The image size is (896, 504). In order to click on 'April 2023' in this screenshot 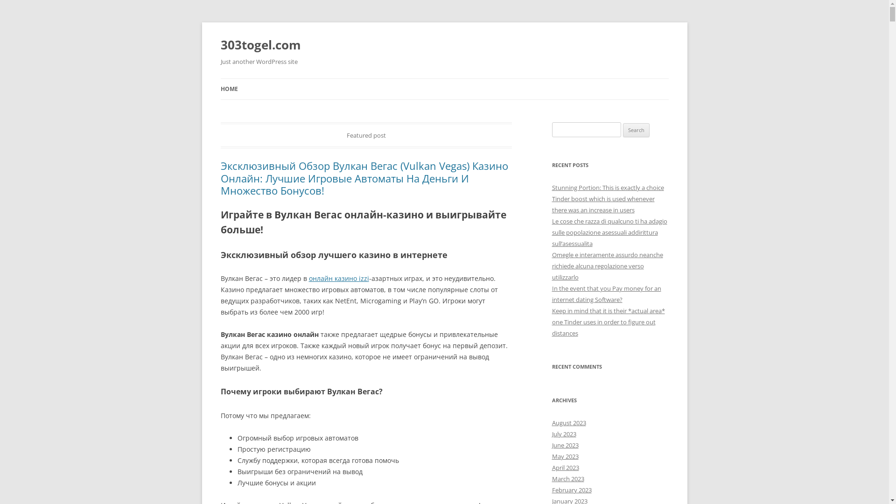, I will do `click(564, 468)`.